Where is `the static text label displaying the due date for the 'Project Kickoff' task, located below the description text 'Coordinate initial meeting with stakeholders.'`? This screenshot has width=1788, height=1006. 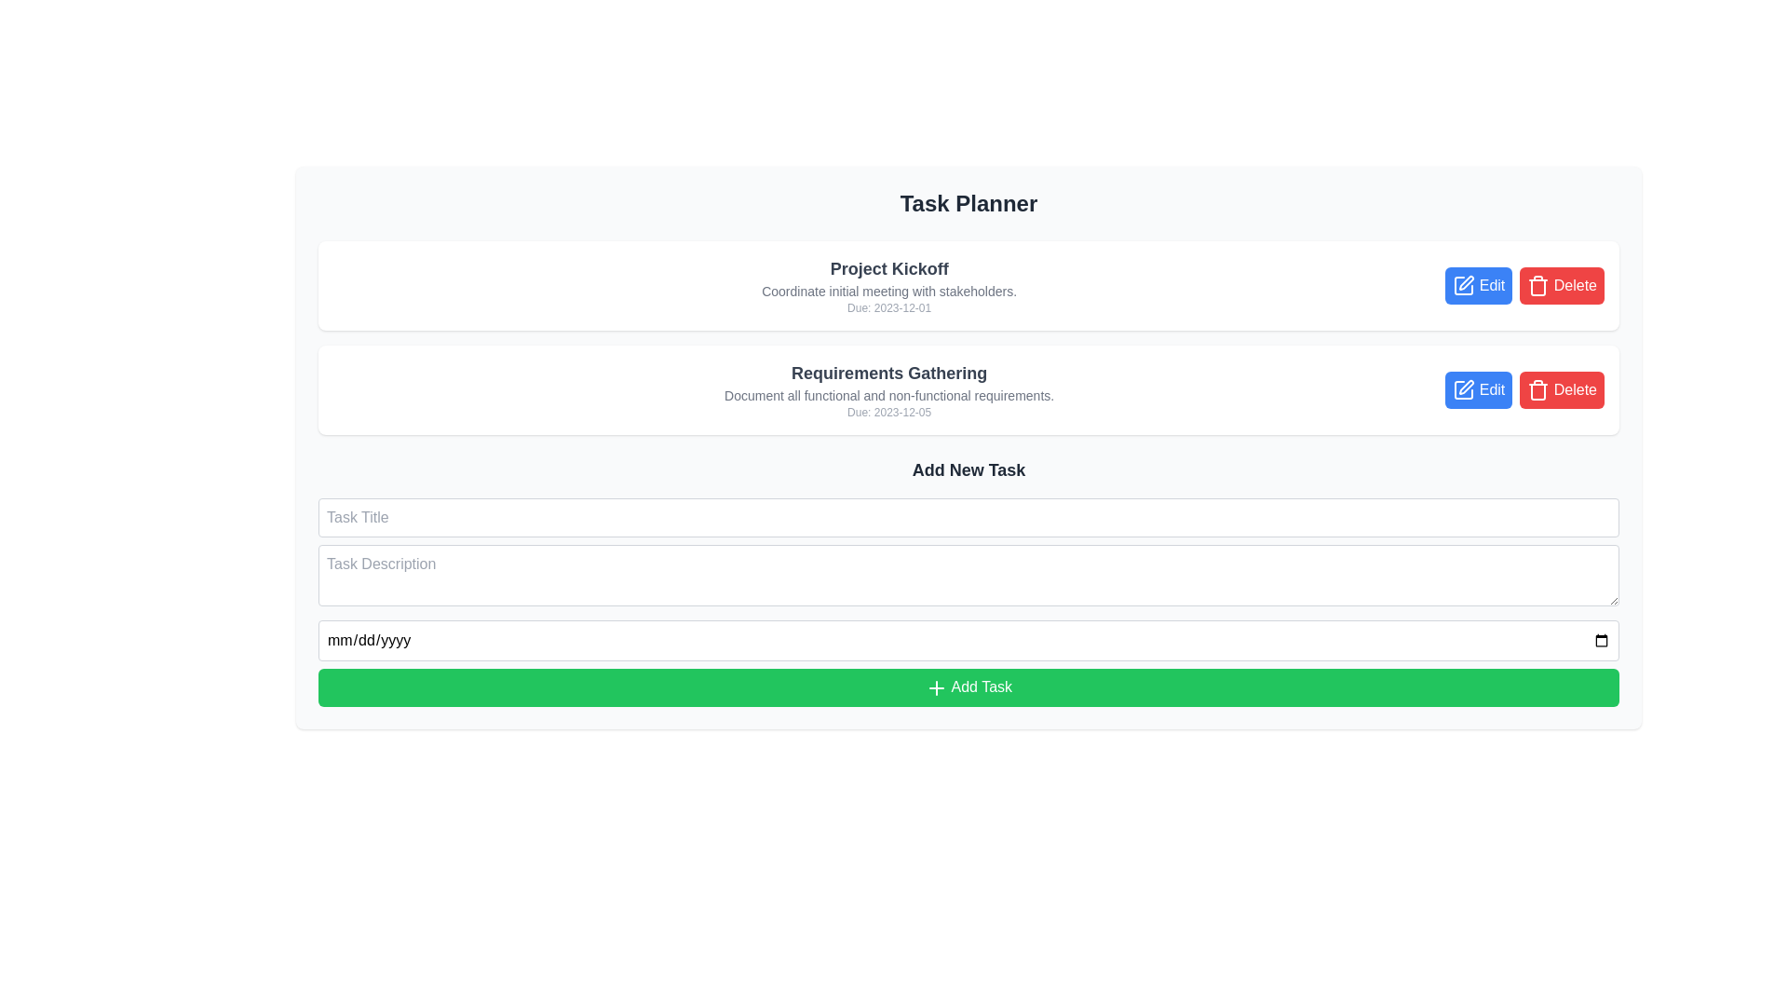
the static text label displaying the due date for the 'Project Kickoff' task, located below the description text 'Coordinate initial meeting with stakeholders.' is located at coordinates (888, 307).